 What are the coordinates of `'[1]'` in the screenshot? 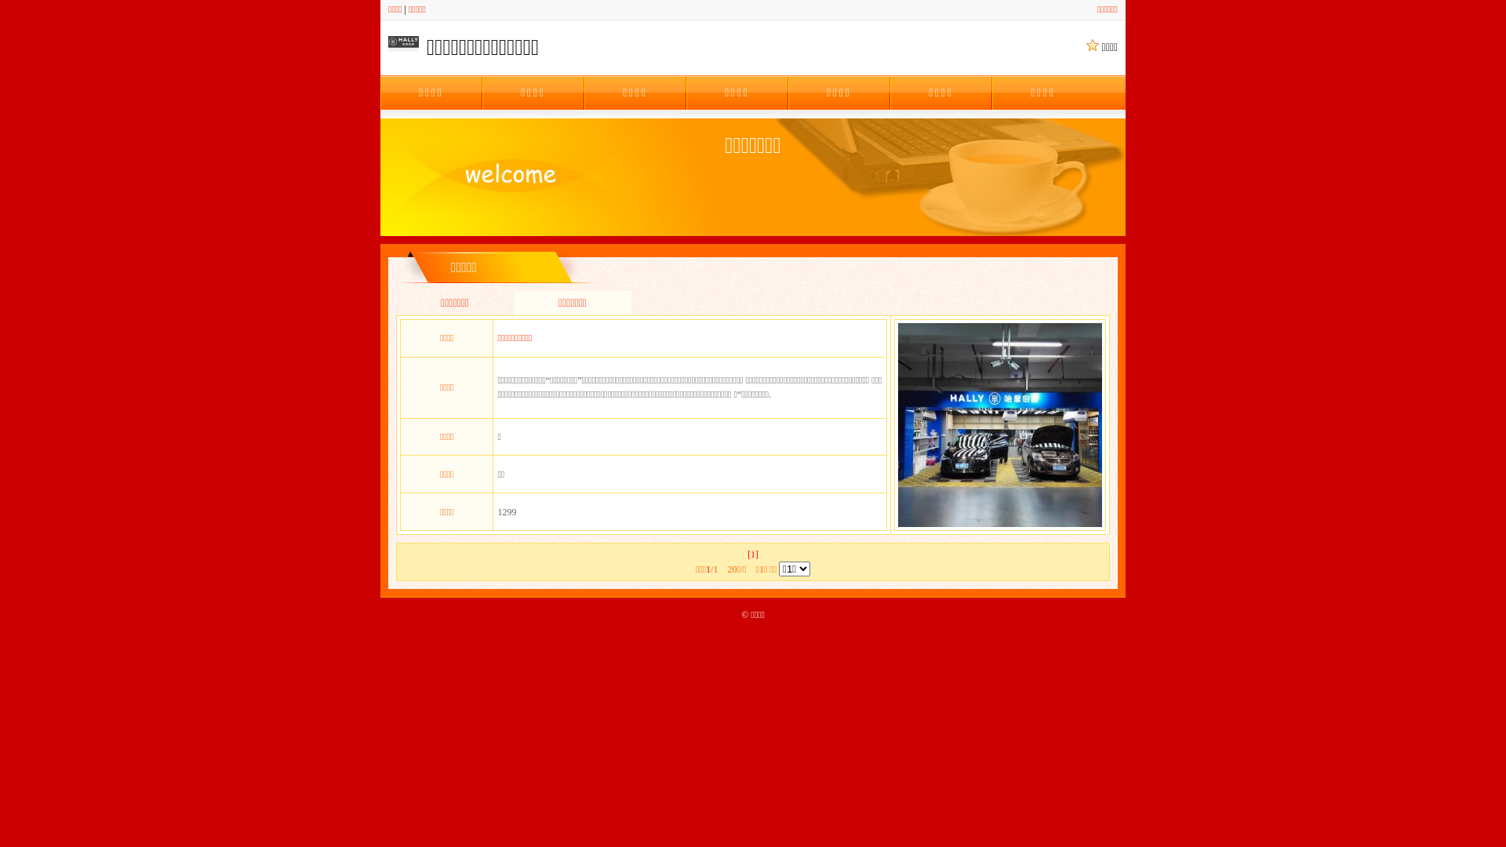 It's located at (753, 553).